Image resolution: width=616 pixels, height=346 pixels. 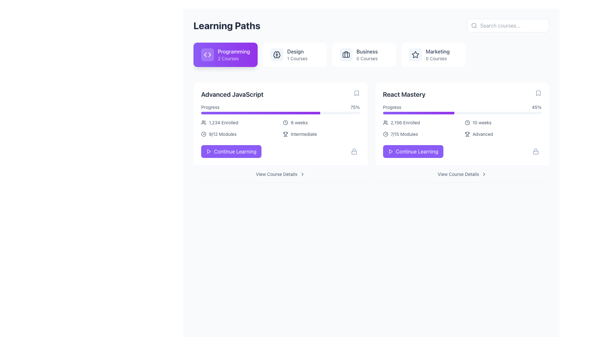 What do you see at coordinates (355, 107) in the screenshot?
I see `the static text label displaying '75%' which indicates the percentage of completion for the course 'Advanced JavaScript'` at bounding box center [355, 107].